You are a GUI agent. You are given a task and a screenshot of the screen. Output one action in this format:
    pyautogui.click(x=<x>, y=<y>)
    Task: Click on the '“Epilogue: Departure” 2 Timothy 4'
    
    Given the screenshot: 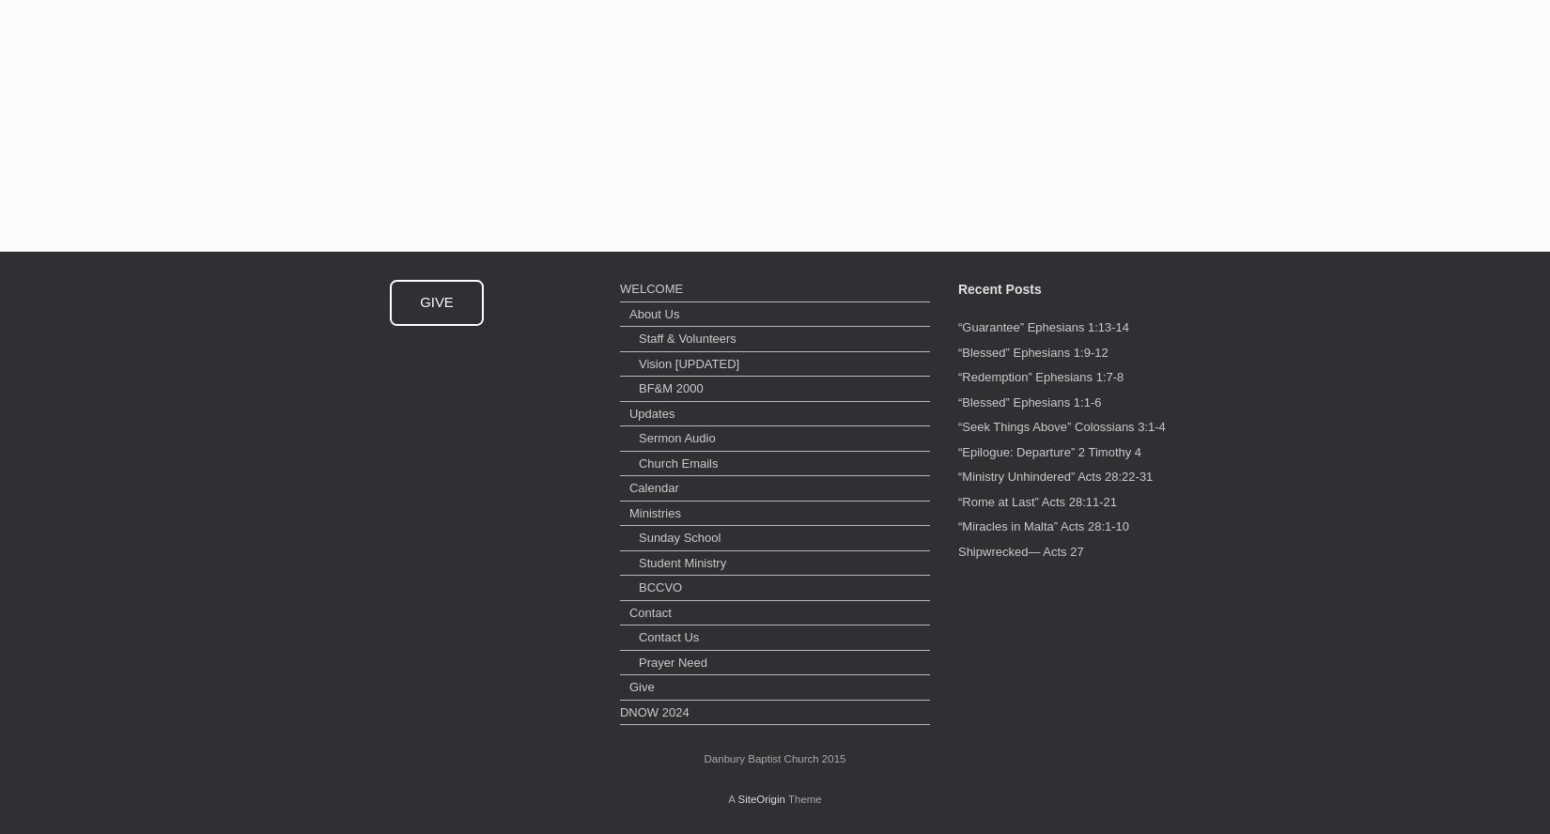 What is the action you would take?
    pyautogui.click(x=957, y=451)
    